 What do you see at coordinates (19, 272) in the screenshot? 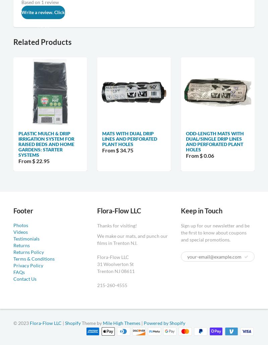
I see `'FAQs'` at bounding box center [19, 272].